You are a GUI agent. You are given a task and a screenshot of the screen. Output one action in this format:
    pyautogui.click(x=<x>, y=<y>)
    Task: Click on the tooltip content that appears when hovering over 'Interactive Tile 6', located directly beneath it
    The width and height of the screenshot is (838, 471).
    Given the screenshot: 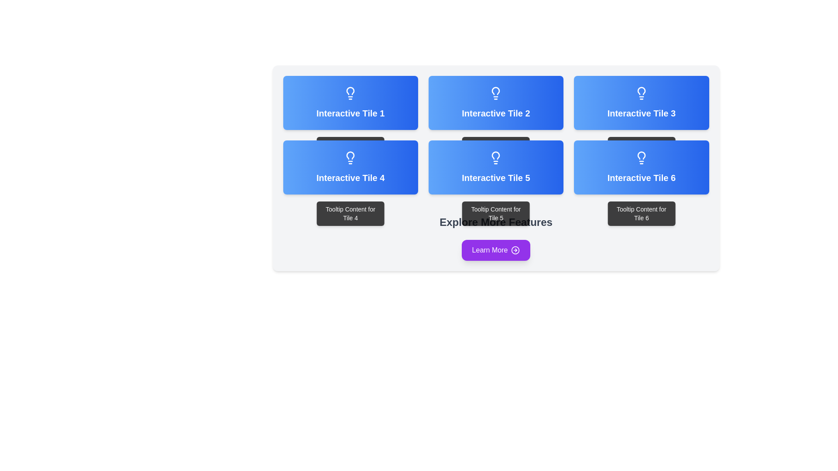 What is the action you would take?
    pyautogui.click(x=641, y=213)
    